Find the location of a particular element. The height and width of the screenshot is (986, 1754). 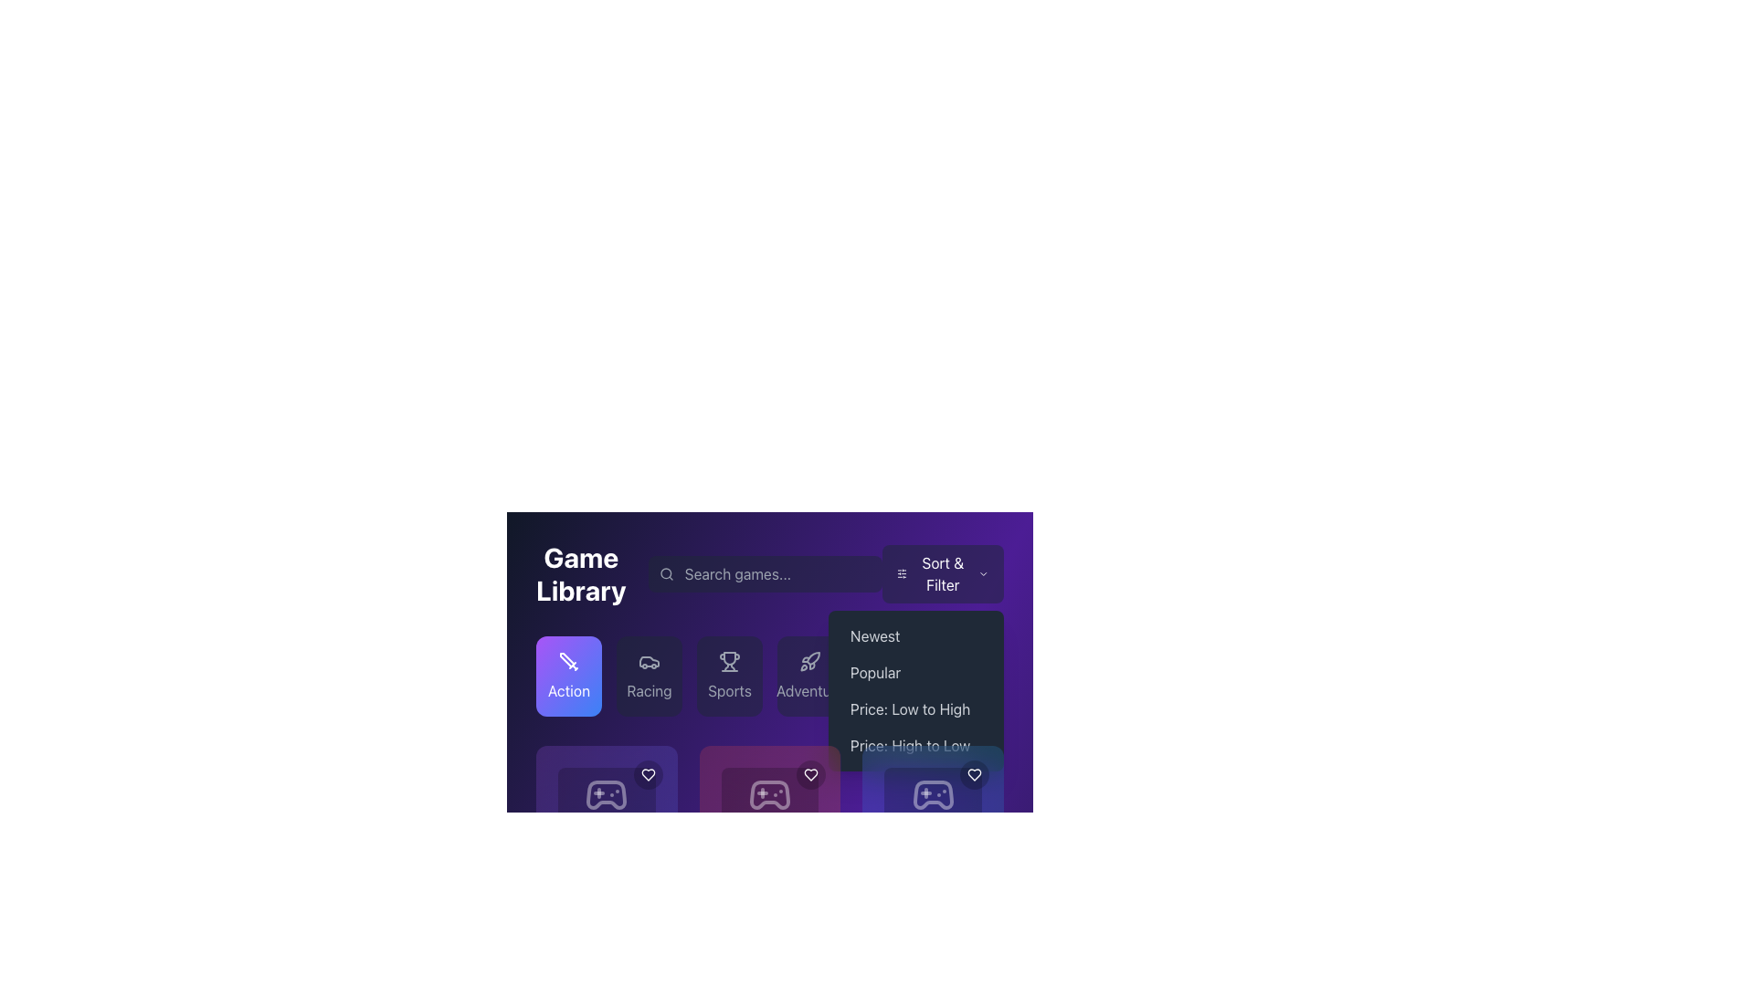

the sleek gray rocket icon with rounded edges, located at the center-top of the 'Adventure' card in the Game Library interface is located at coordinates (809, 662).